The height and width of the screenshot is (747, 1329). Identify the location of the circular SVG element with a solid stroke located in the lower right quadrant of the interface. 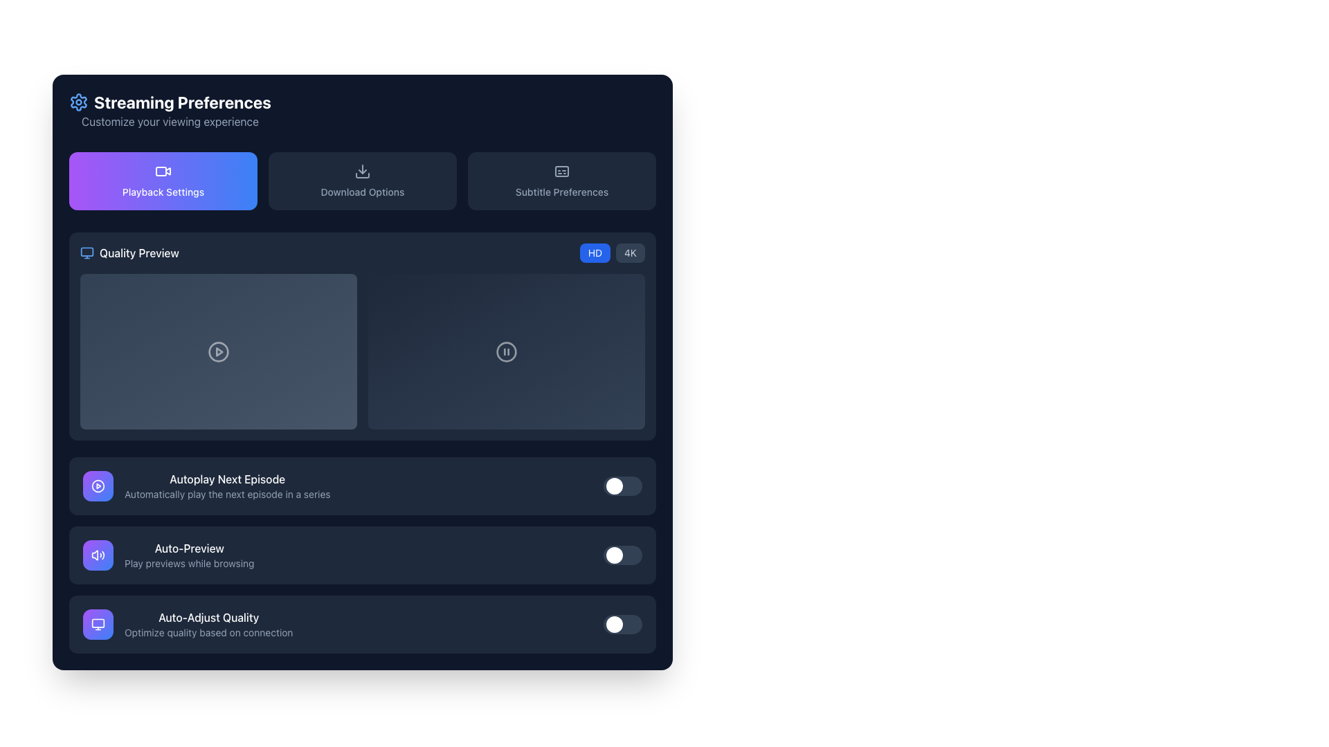
(505, 351).